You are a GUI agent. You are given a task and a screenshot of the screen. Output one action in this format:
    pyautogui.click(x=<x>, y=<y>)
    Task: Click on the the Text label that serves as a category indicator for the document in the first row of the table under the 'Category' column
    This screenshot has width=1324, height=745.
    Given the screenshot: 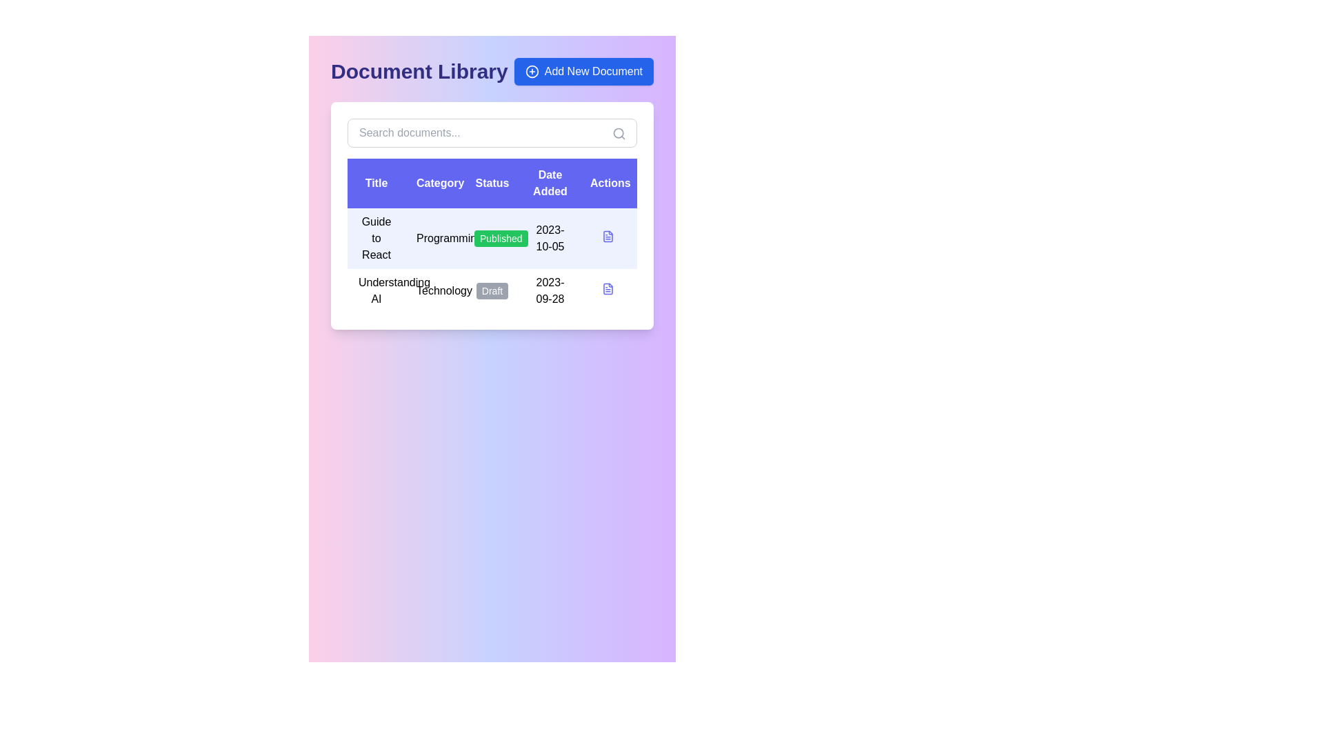 What is the action you would take?
    pyautogui.click(x=433, y=238)
    